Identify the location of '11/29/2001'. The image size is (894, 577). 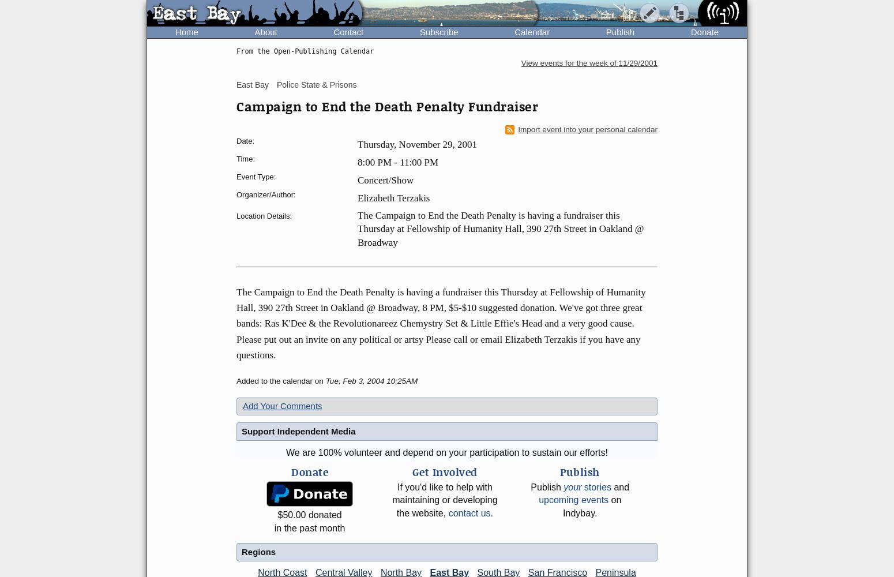
(637, 62).